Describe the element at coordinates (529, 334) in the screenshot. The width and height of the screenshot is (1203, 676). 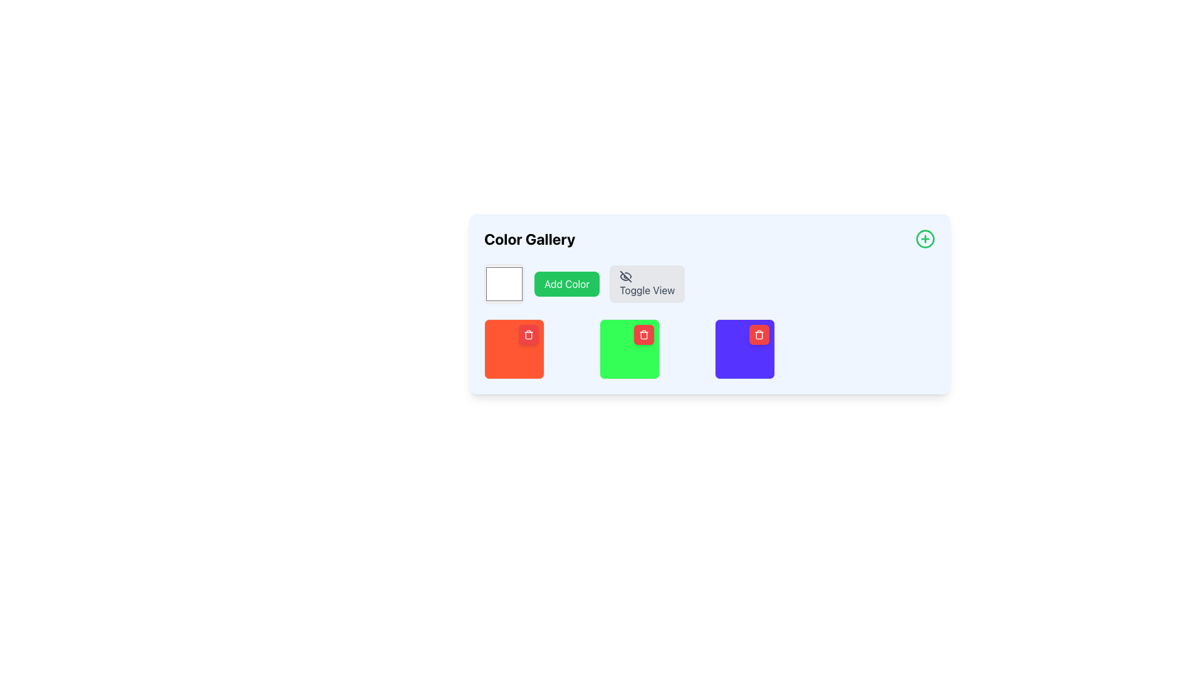
I see `the Action button located at the top-right corner of the red tile` at that location.